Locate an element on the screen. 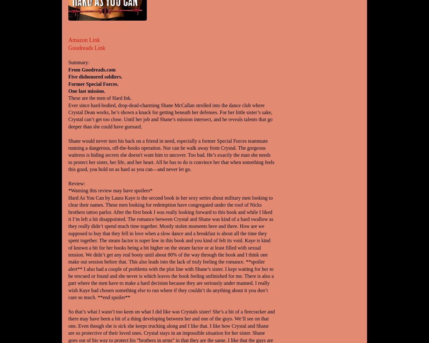 The width and height of the screenshot is (429, 343). '*Warning this review may have spoilers*' is located at coordinates (110, 190).